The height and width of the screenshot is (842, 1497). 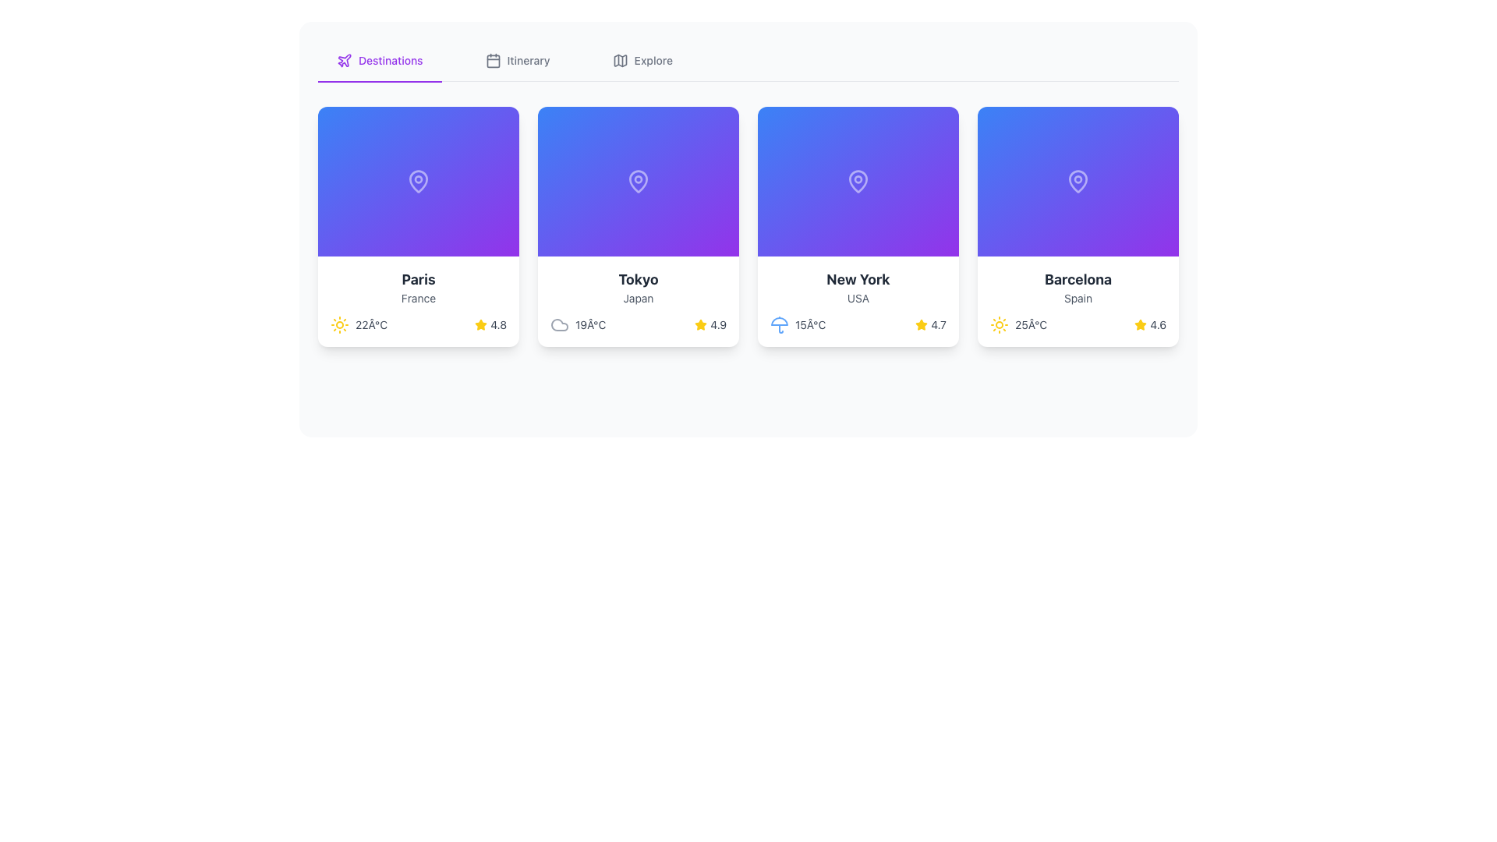 I want to click on the bold text label displaying 'Barcelona', which is prominently featured in a card layout with a gradient blue background, located above the label 'Spain', so click(x=1077, y=278).